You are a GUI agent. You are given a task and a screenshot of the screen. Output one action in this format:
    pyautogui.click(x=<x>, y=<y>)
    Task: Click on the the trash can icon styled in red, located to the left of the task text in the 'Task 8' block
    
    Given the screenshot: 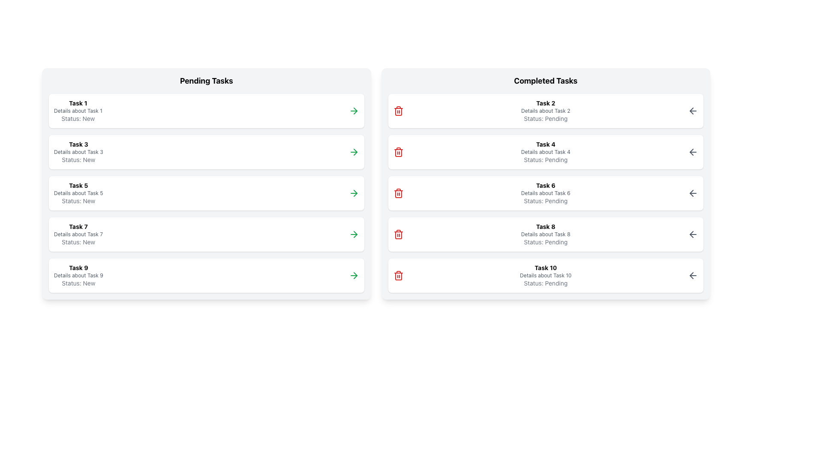 What is the action you would take?
    pyautogui.click(x=398, y=235)
    